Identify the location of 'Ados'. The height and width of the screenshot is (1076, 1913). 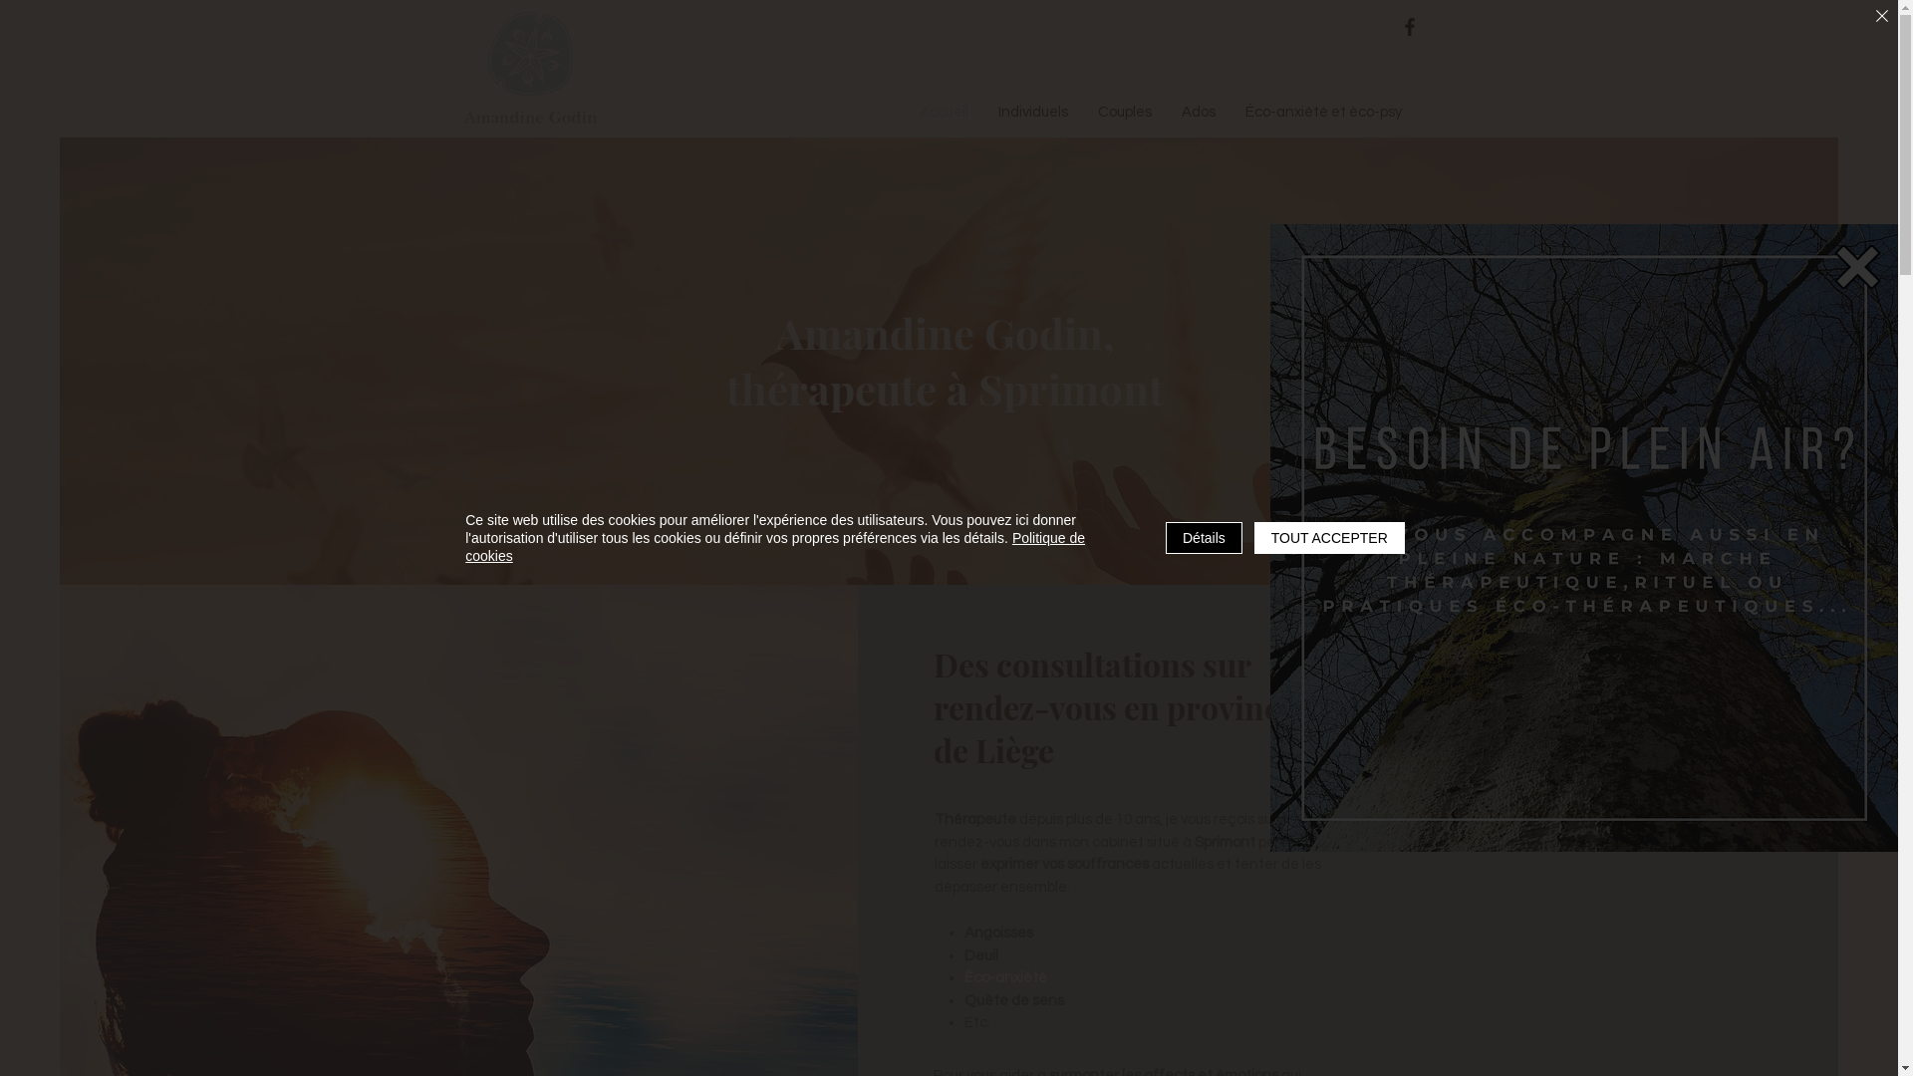
(1196, 112).